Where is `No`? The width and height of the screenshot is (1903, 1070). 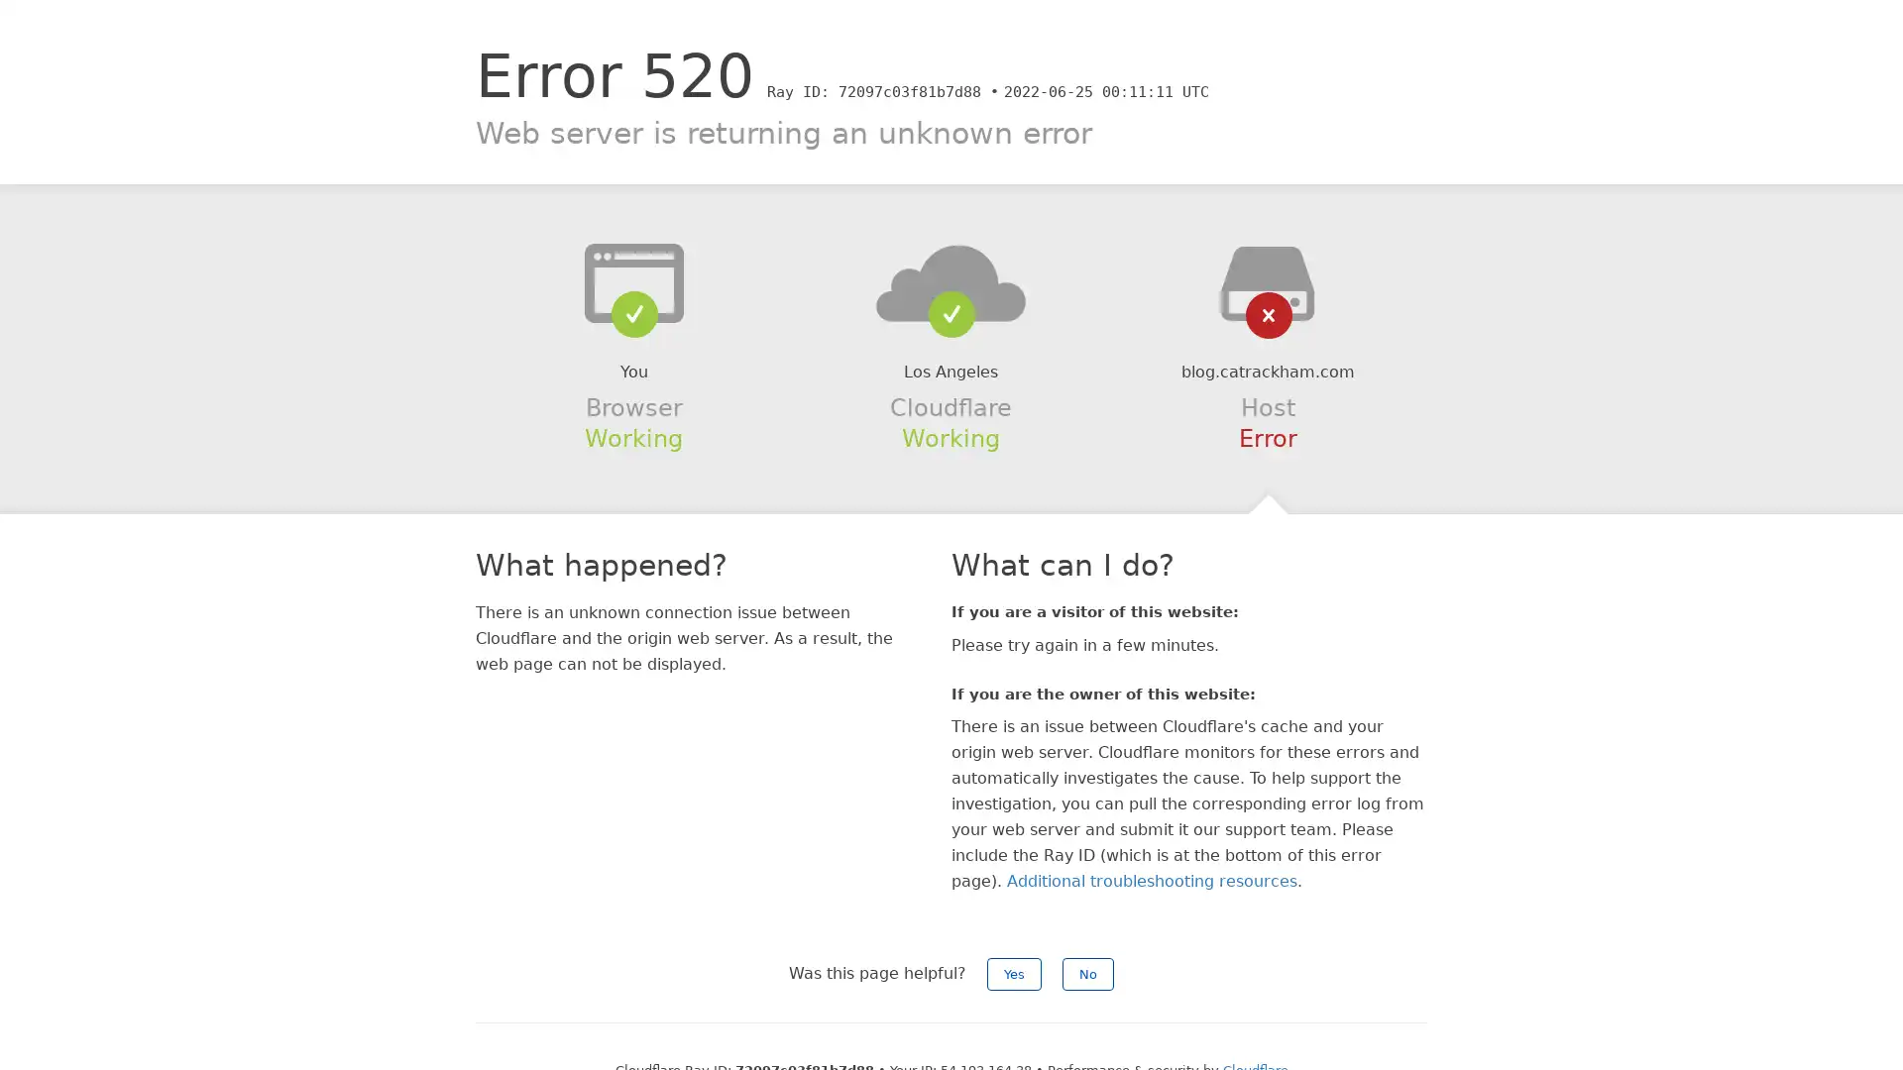
No is located at coordinates (1087, 973).